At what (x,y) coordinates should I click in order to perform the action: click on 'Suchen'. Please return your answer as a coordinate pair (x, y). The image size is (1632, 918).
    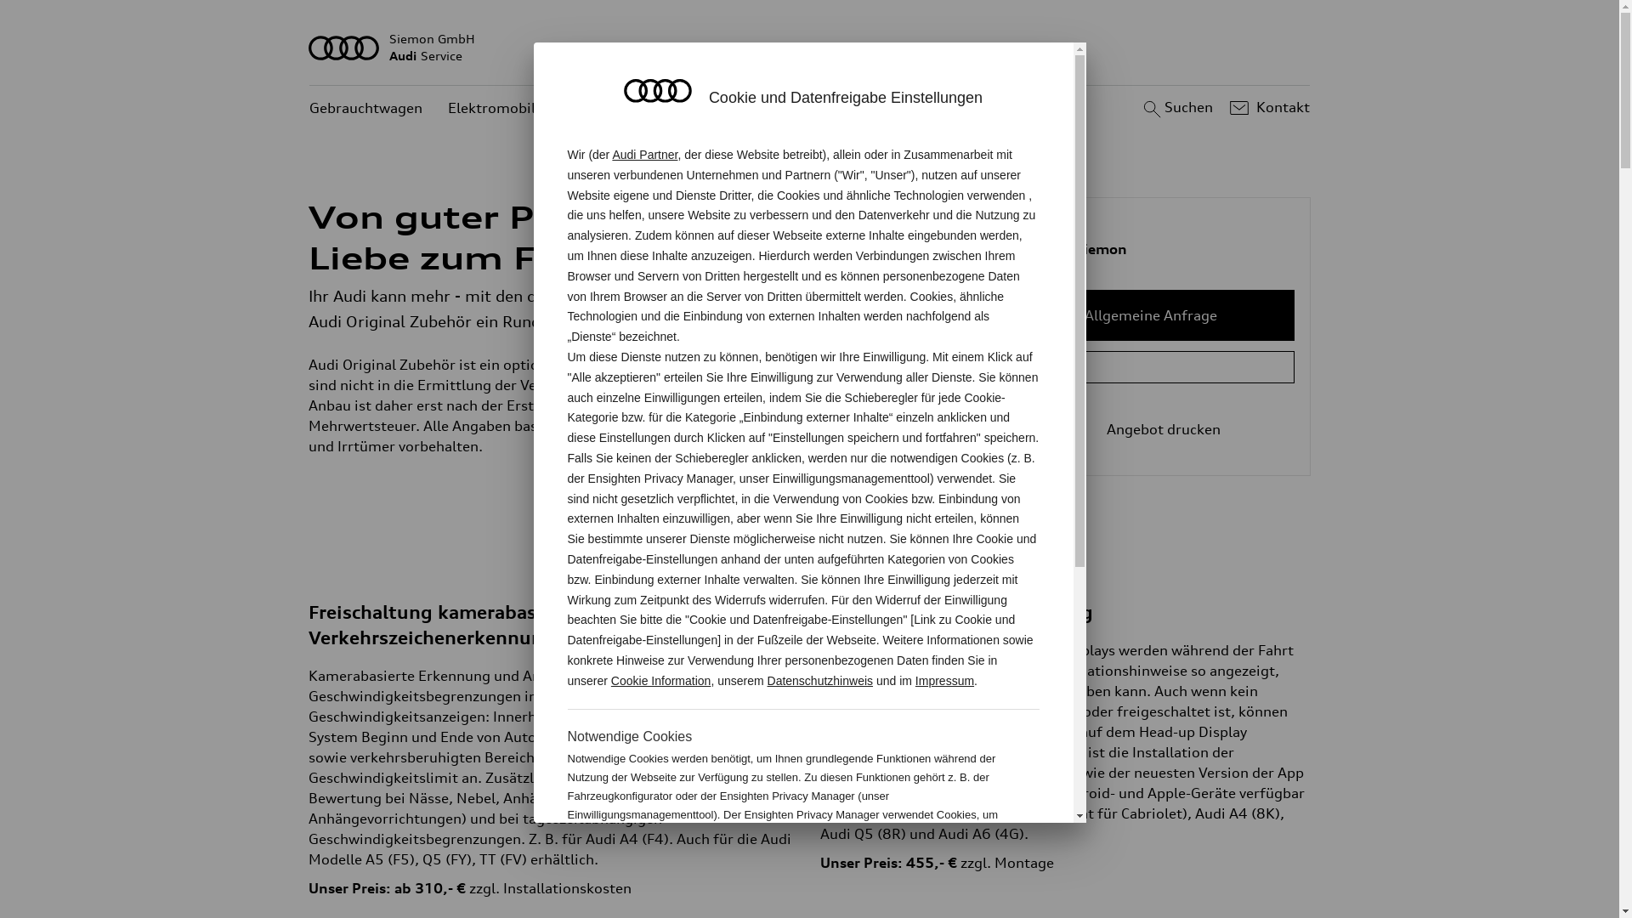
    Looking at the image, I should click on (1138, 108).